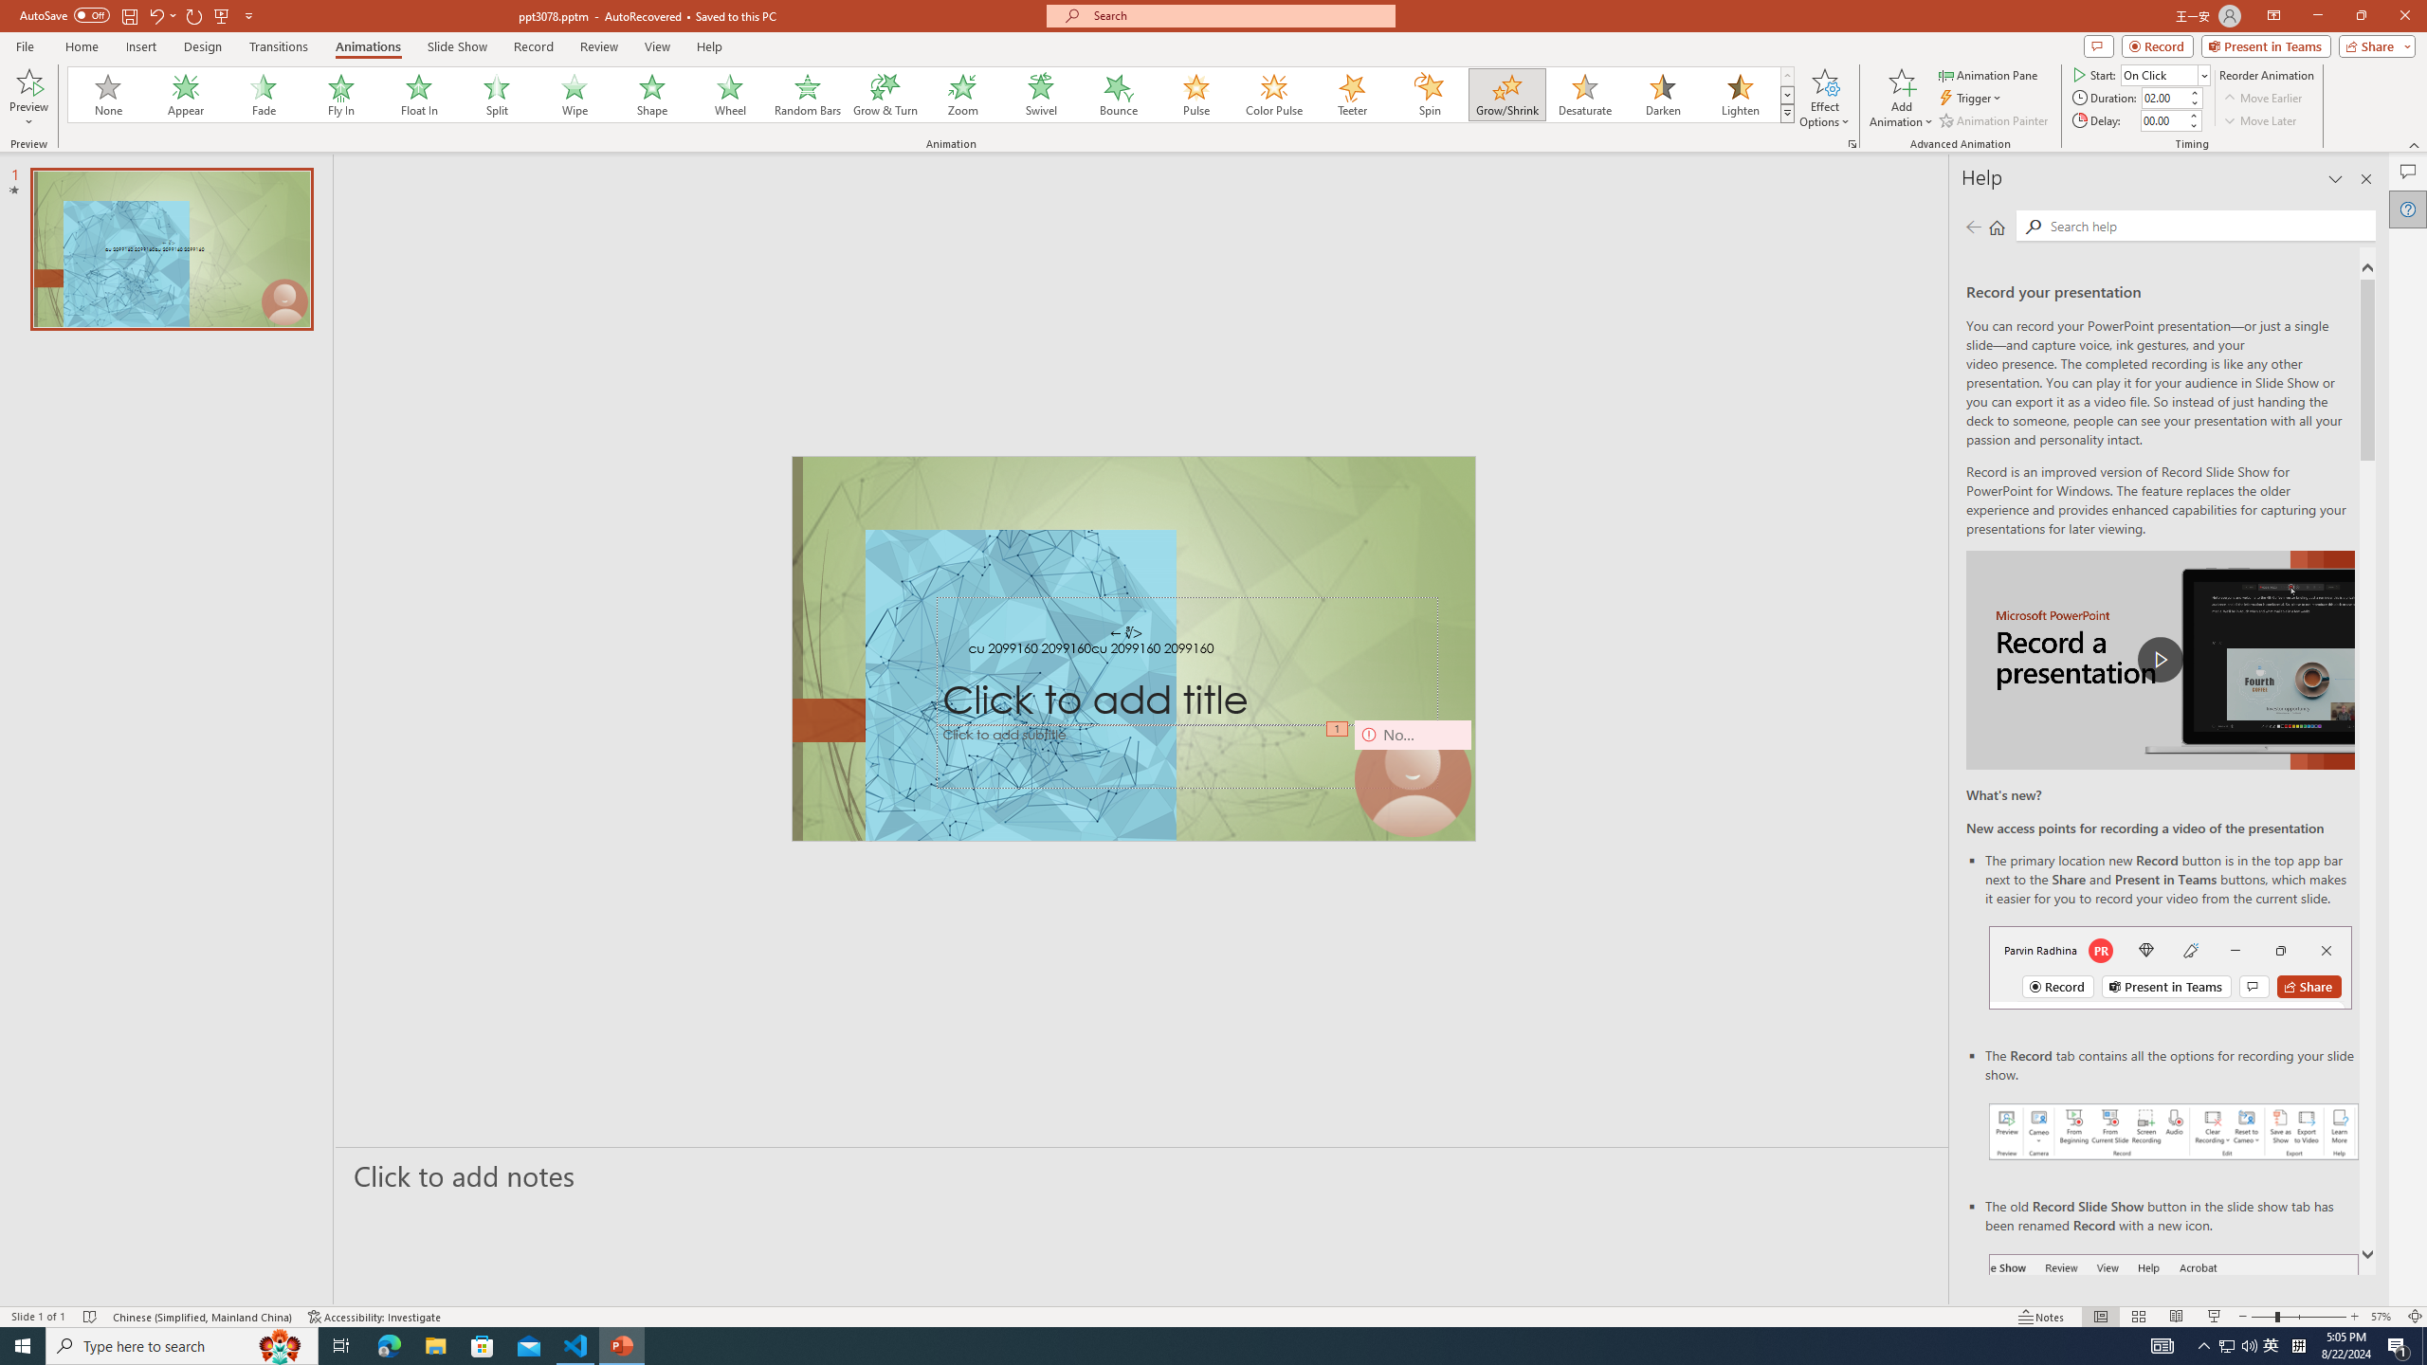  Describe the element at coordinates (1786, 112) in the screenshot. I see `'Animation Styles'` at that location.